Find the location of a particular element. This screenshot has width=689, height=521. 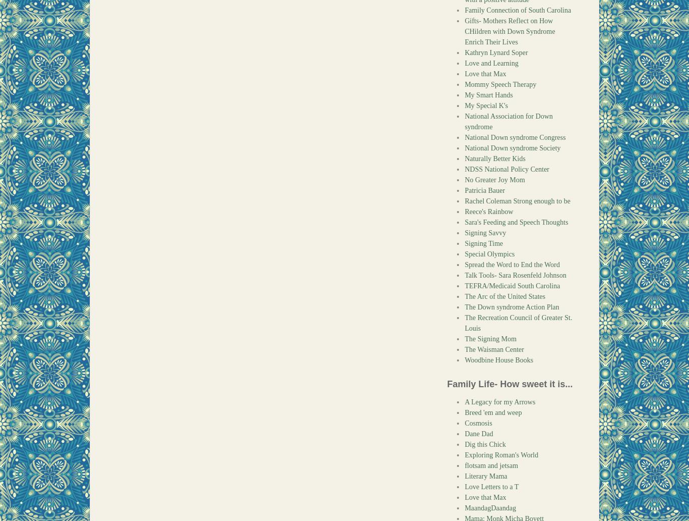

'Mommy Speech Therapy' is located at coordinates (500, 84).